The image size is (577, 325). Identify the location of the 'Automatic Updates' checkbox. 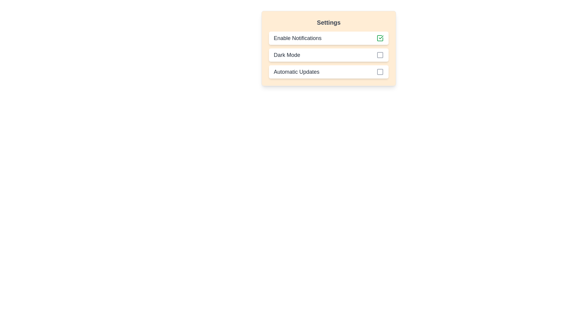
(328, 72).